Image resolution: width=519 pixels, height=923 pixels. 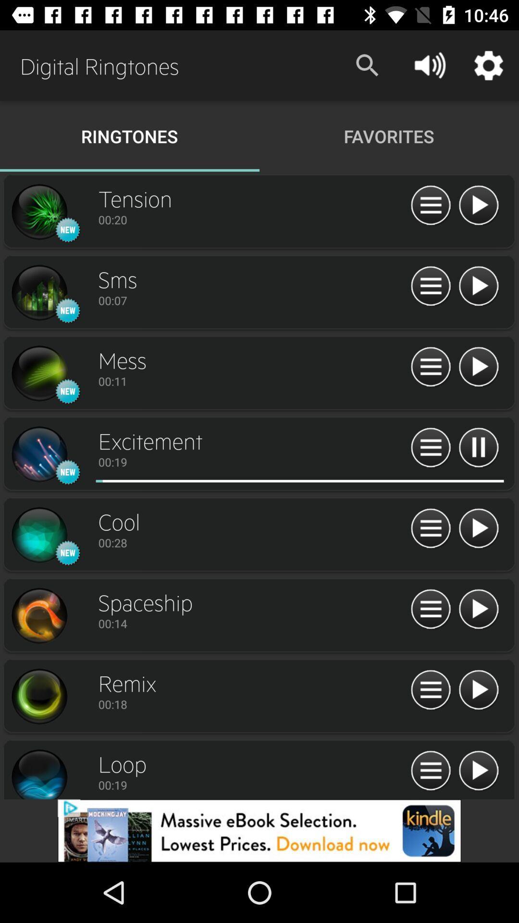 What do you see at coordinates (38, 616) in the screenshot?
I see `simpal` at bounding box center [38, 616].